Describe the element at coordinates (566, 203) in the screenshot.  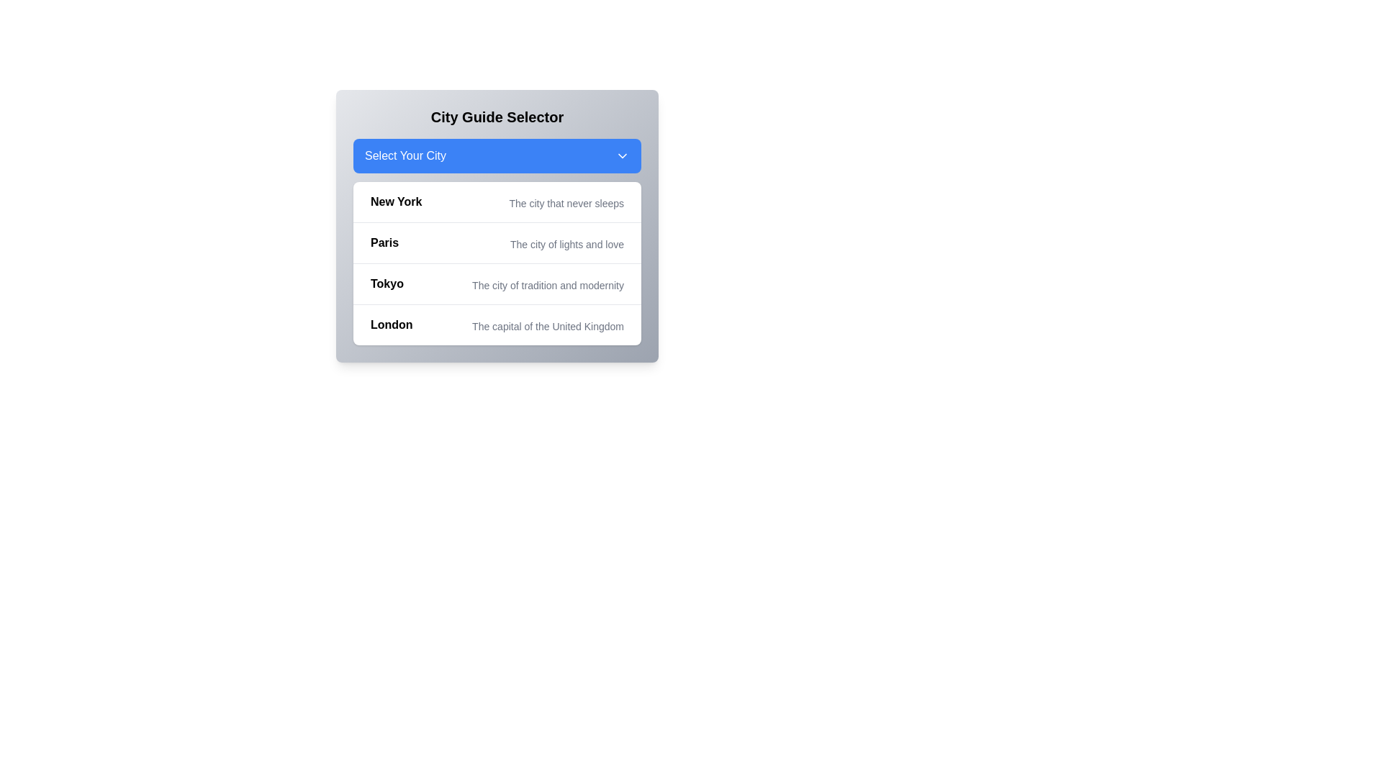
I see `the descriptive subtitle label for the city of 'New York' located in the dropdown-style interface, situated to the right of the 'New York' title` at that location.